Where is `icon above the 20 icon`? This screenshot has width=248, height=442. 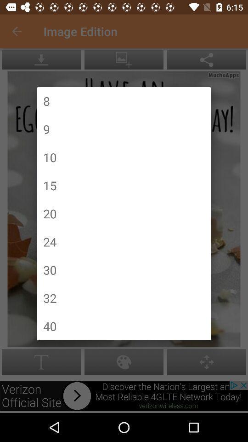
icon above the 20 icon is located at coordinates (50, 185).